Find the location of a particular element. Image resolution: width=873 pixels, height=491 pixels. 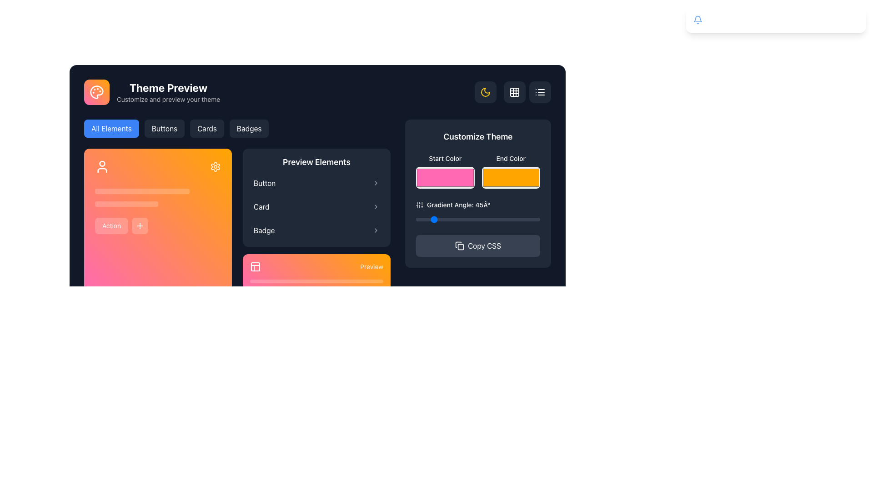

the Decorative bar, which is a horizontal bar with rounded edges and a faint white overlay located in the left panel of the interface with gradient coloring from pink to orange is located at coordinates (141, 190).